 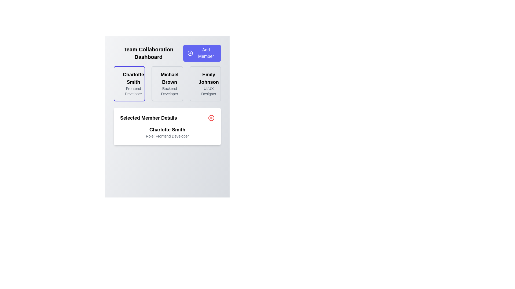 I want to click on the decorative SVG circle icon inside the 'Add Member' button located in the top-right area of the interface, so click(x=190, y=53).